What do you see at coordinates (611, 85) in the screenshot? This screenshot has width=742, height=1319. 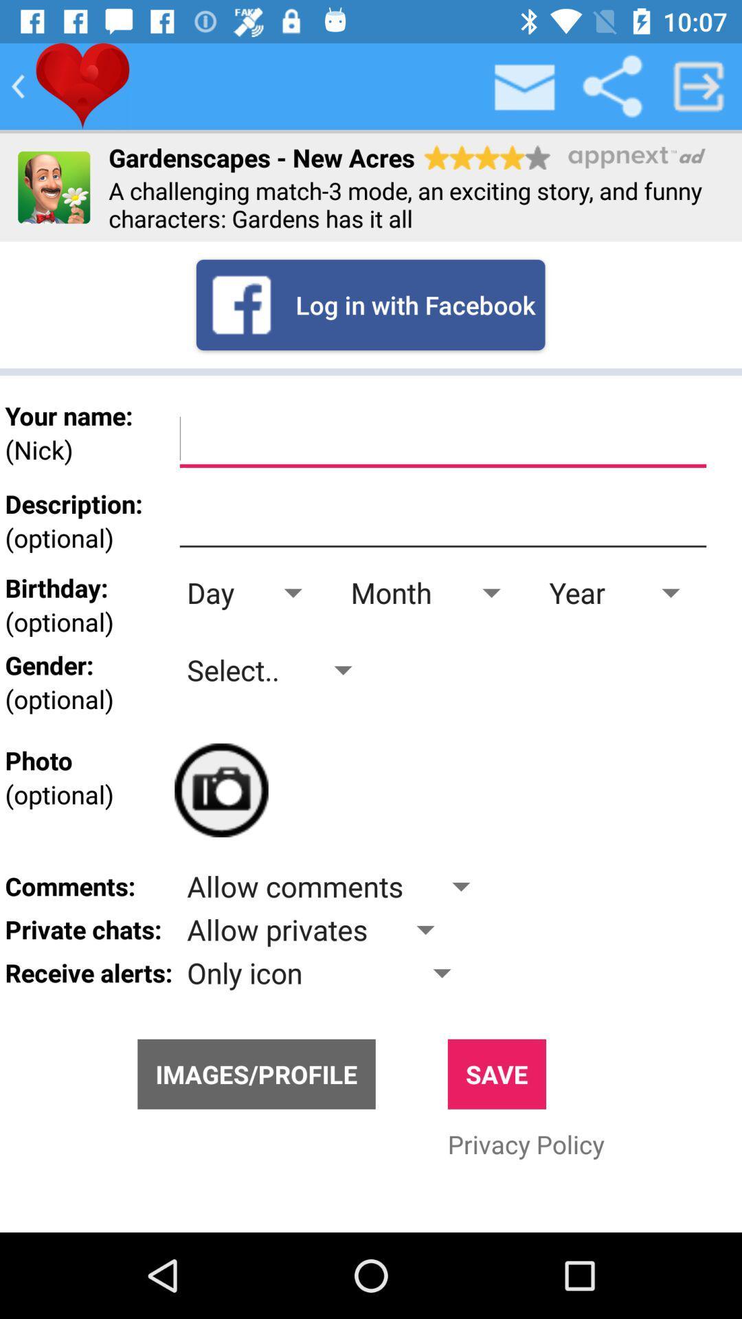 I see `share button` at bounding box center [611, 85].